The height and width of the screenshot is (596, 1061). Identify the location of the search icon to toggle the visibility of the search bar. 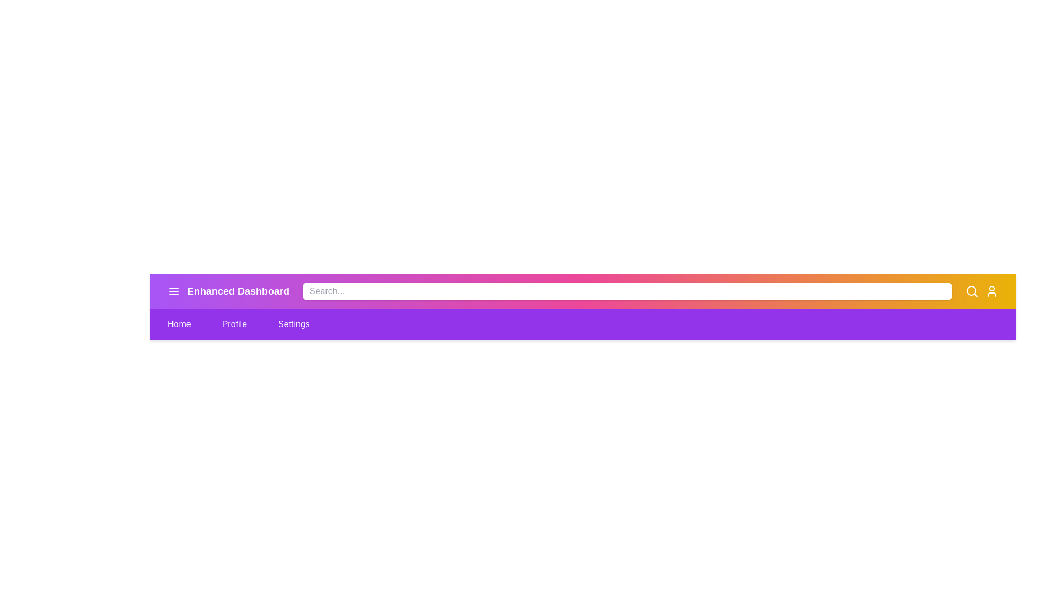
(971, 291).